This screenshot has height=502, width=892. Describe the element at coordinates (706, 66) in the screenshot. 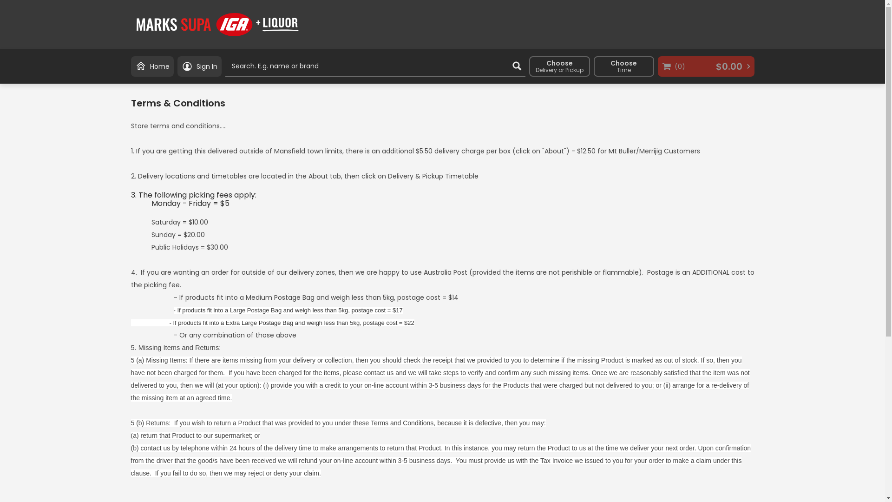

I see `'(0)` at that location.